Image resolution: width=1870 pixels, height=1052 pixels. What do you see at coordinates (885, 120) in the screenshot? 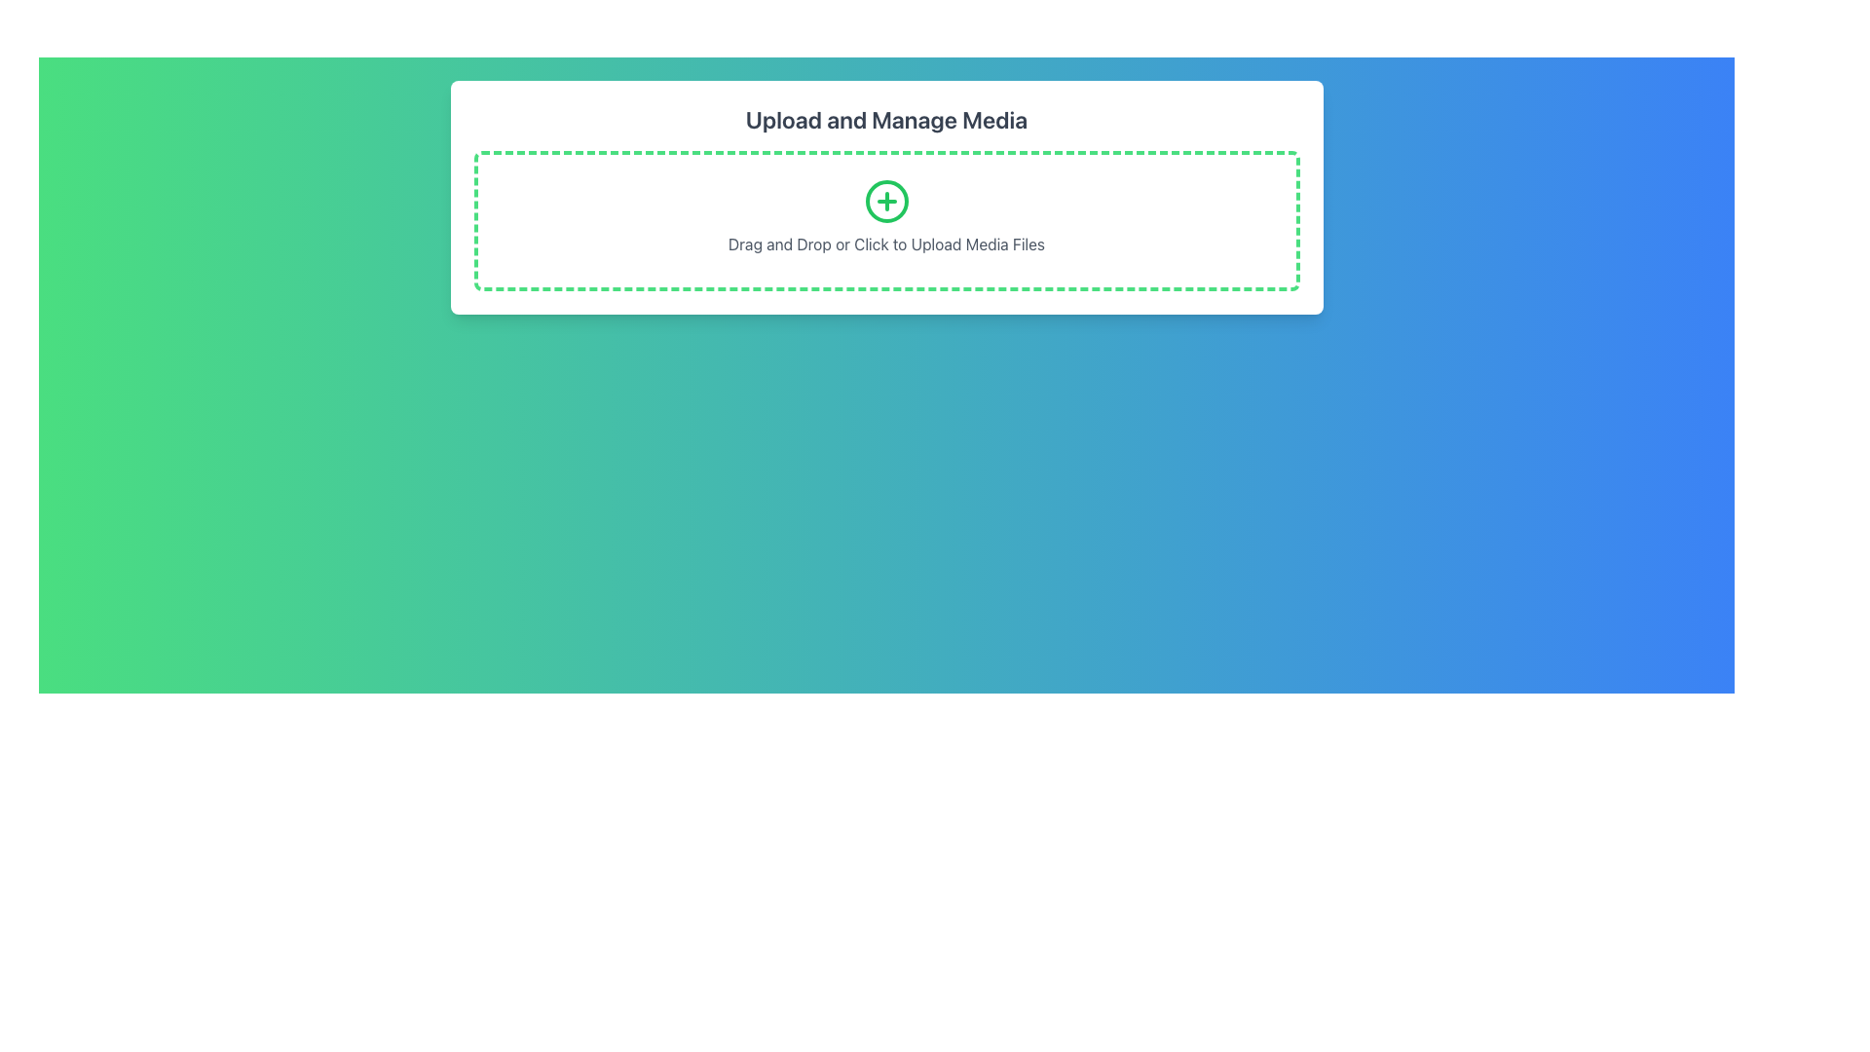
I see `text from the Text Header that indicates the purpose of the media file upload and management section` at bounding box center [885, 120].